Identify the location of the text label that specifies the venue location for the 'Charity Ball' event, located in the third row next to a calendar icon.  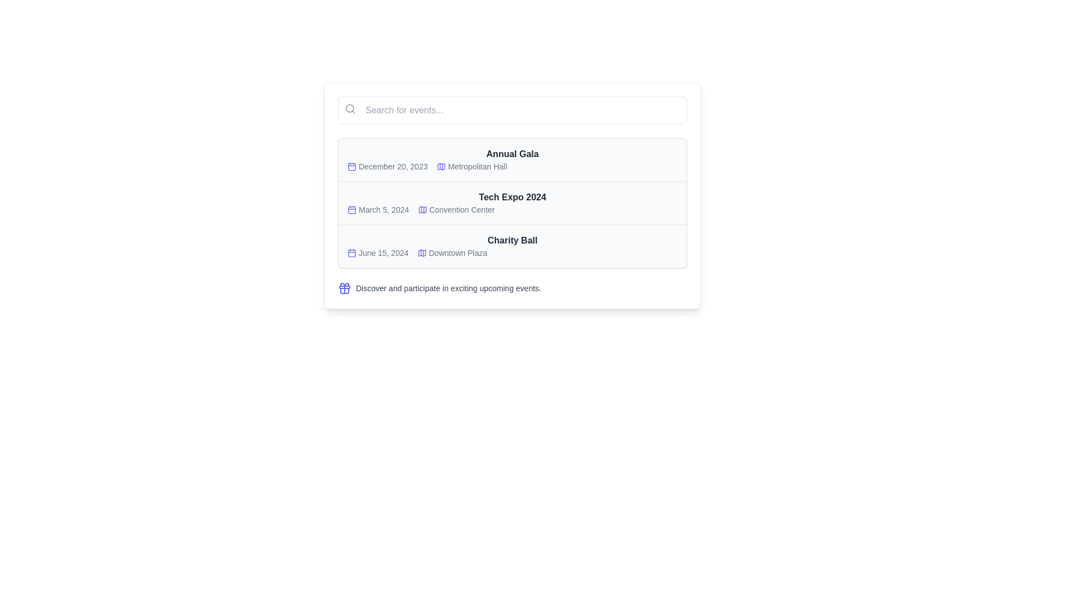
(458, 253).